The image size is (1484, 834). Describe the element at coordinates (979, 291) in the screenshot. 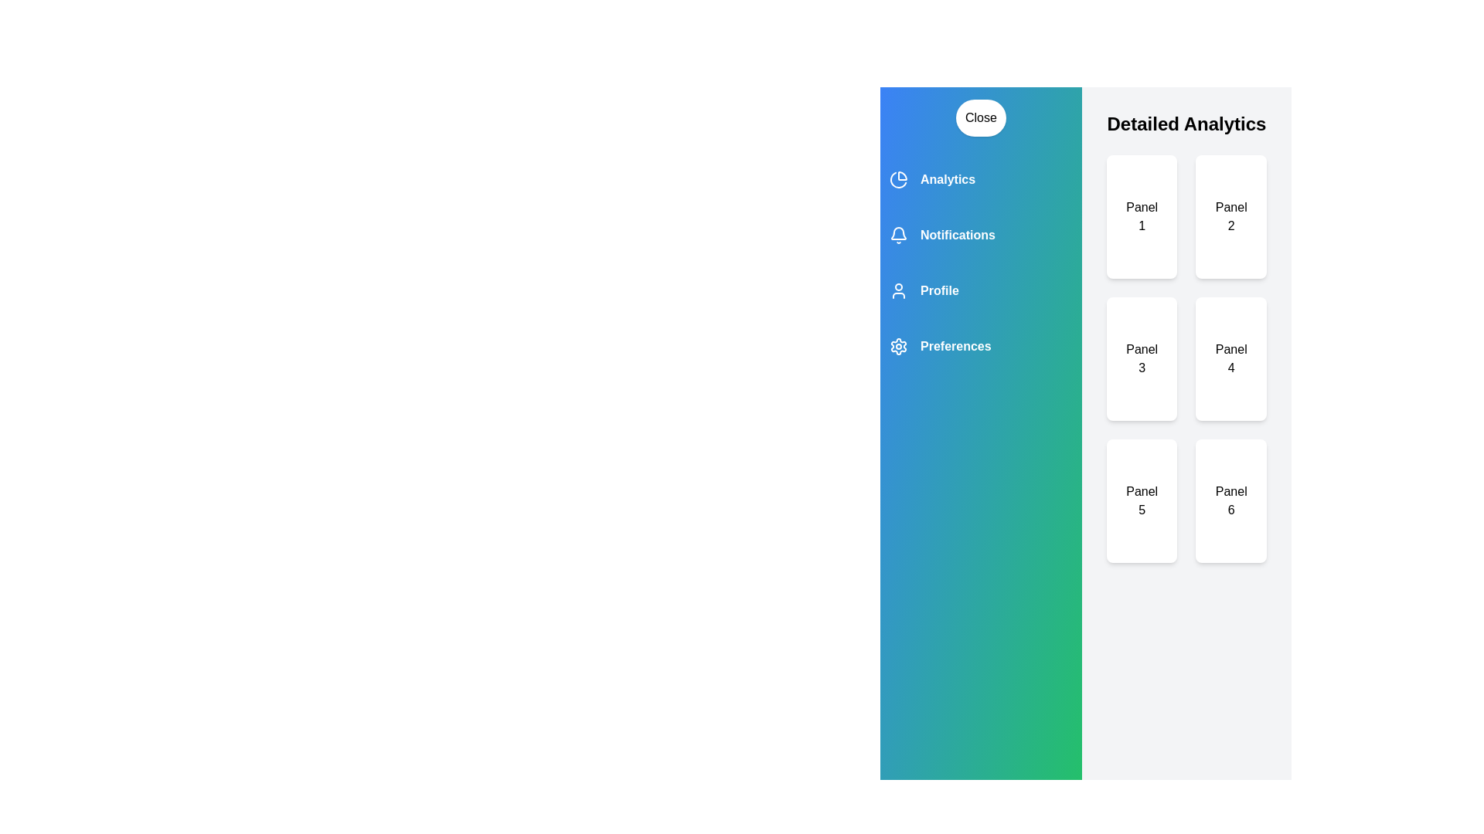

I see `the category Profile to observe its visual feedback` at that location.